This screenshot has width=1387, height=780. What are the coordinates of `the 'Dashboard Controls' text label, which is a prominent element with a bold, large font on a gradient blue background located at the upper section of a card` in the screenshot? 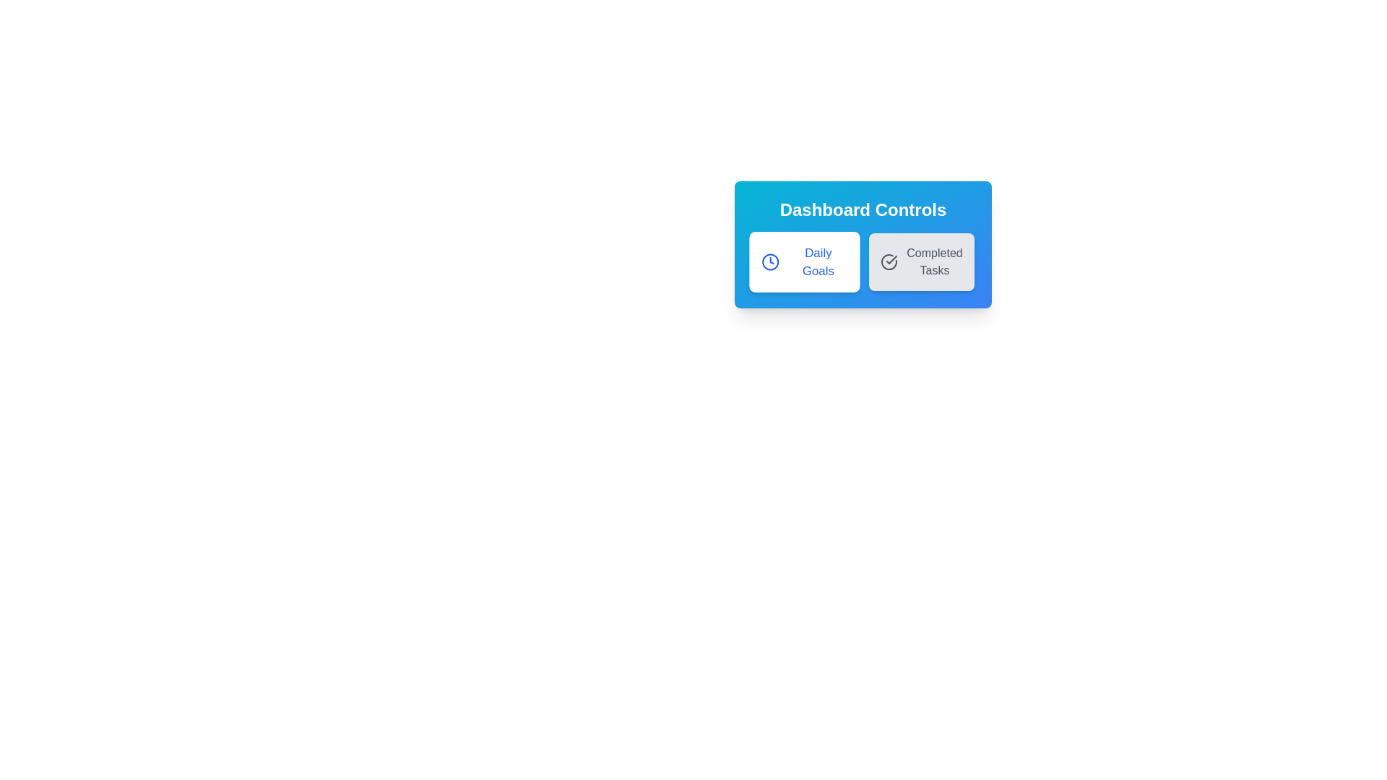 It's located at (863, 209).